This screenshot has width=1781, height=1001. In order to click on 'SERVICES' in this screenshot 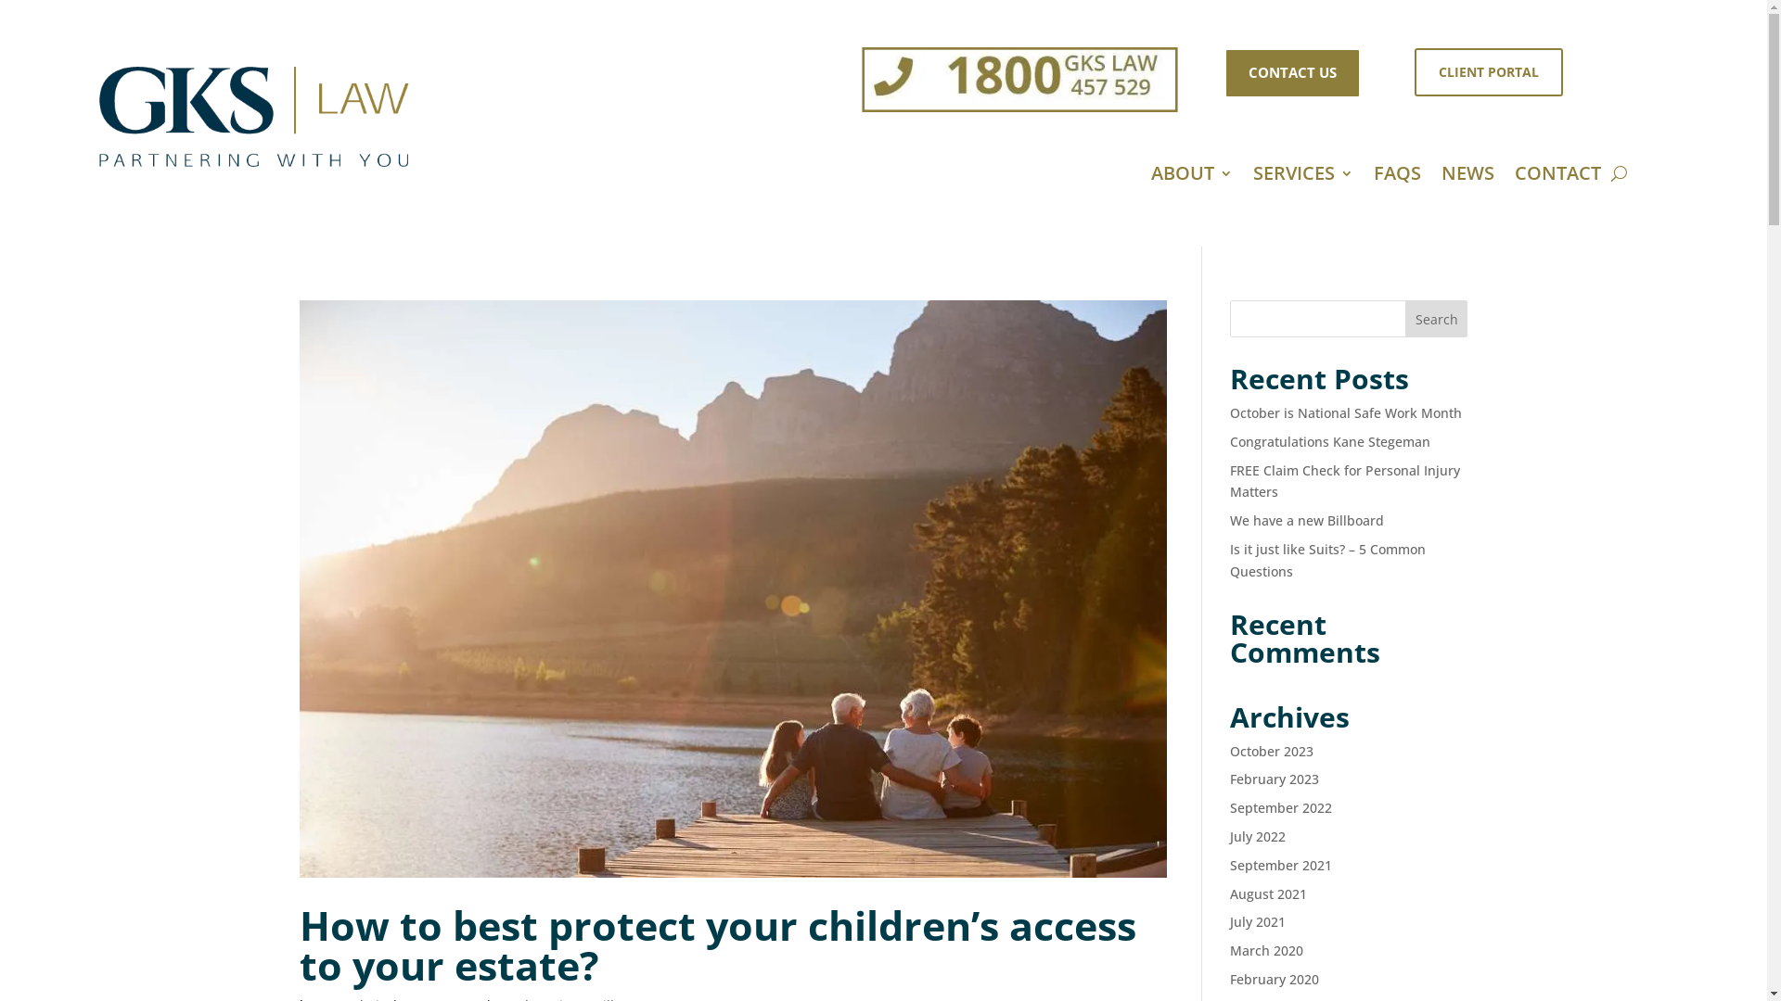, I will do `click(1302, 177)`.